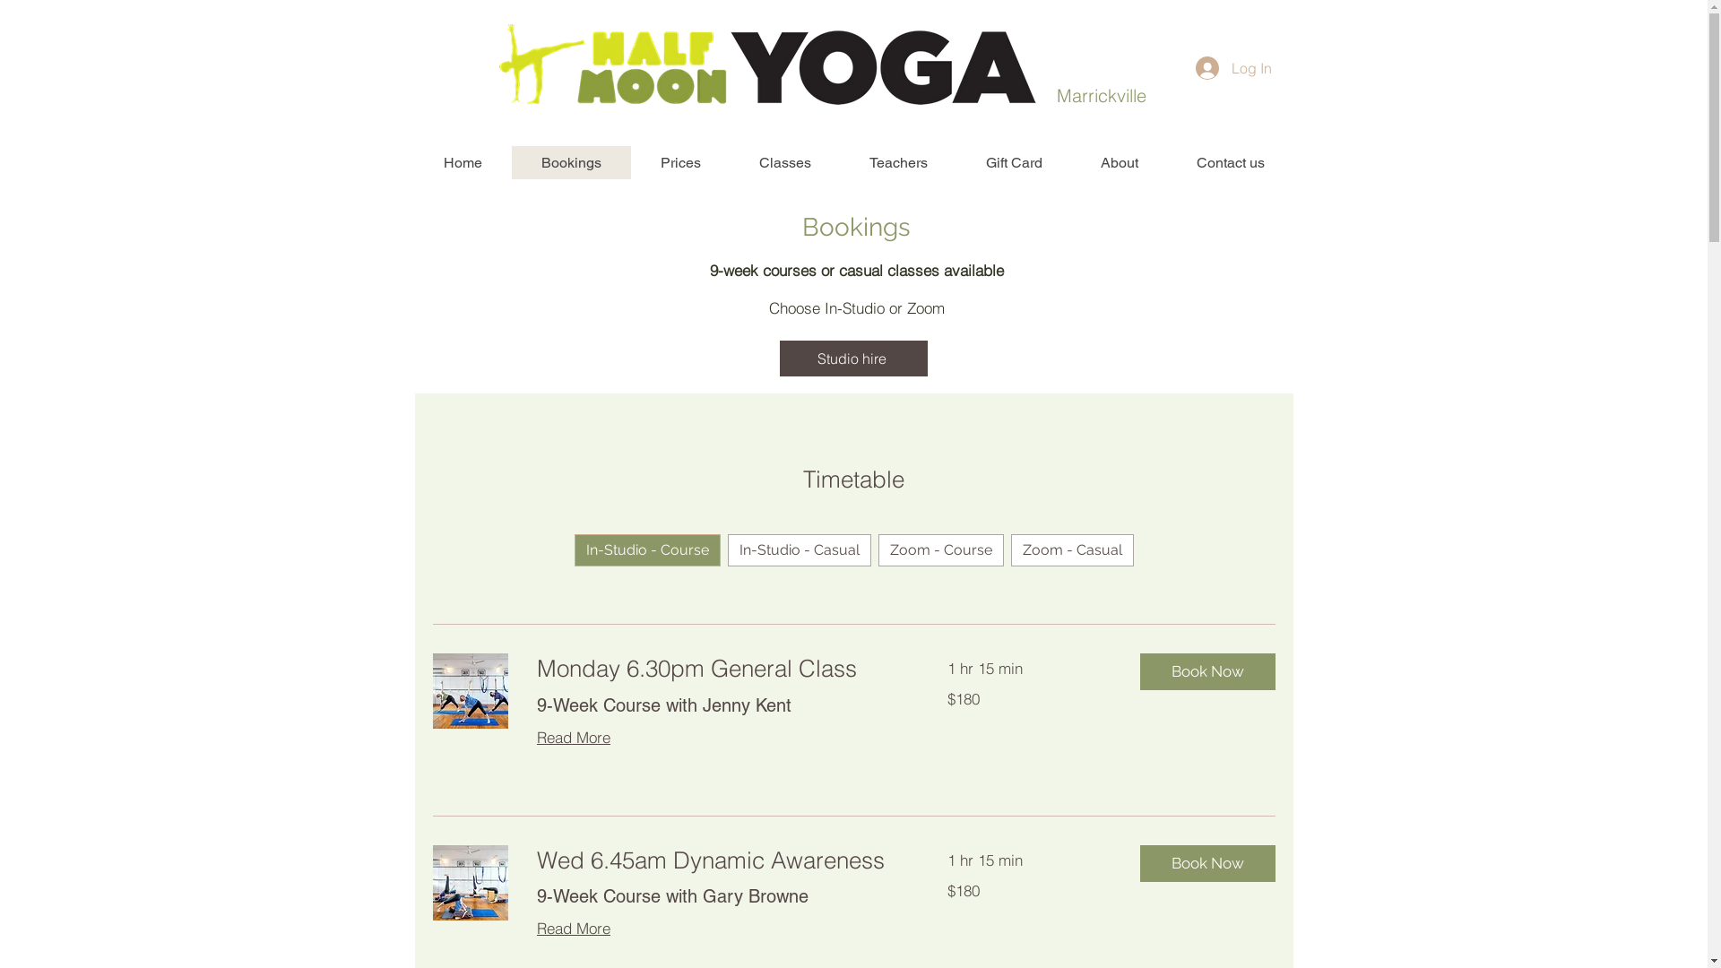 The height and width of the screenshot is (968, 1721). Describe the element at coordinates (1232, 67) in the screenshot. I see `'Log In'` at that location.